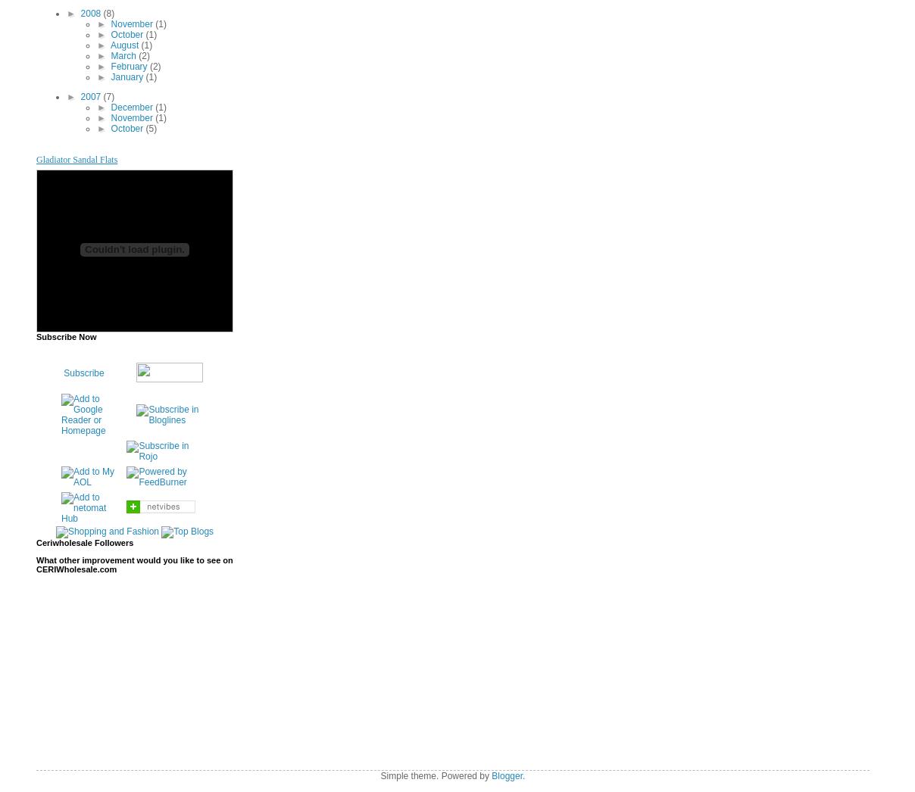  I want to click on '(8)', so click(108, 12).